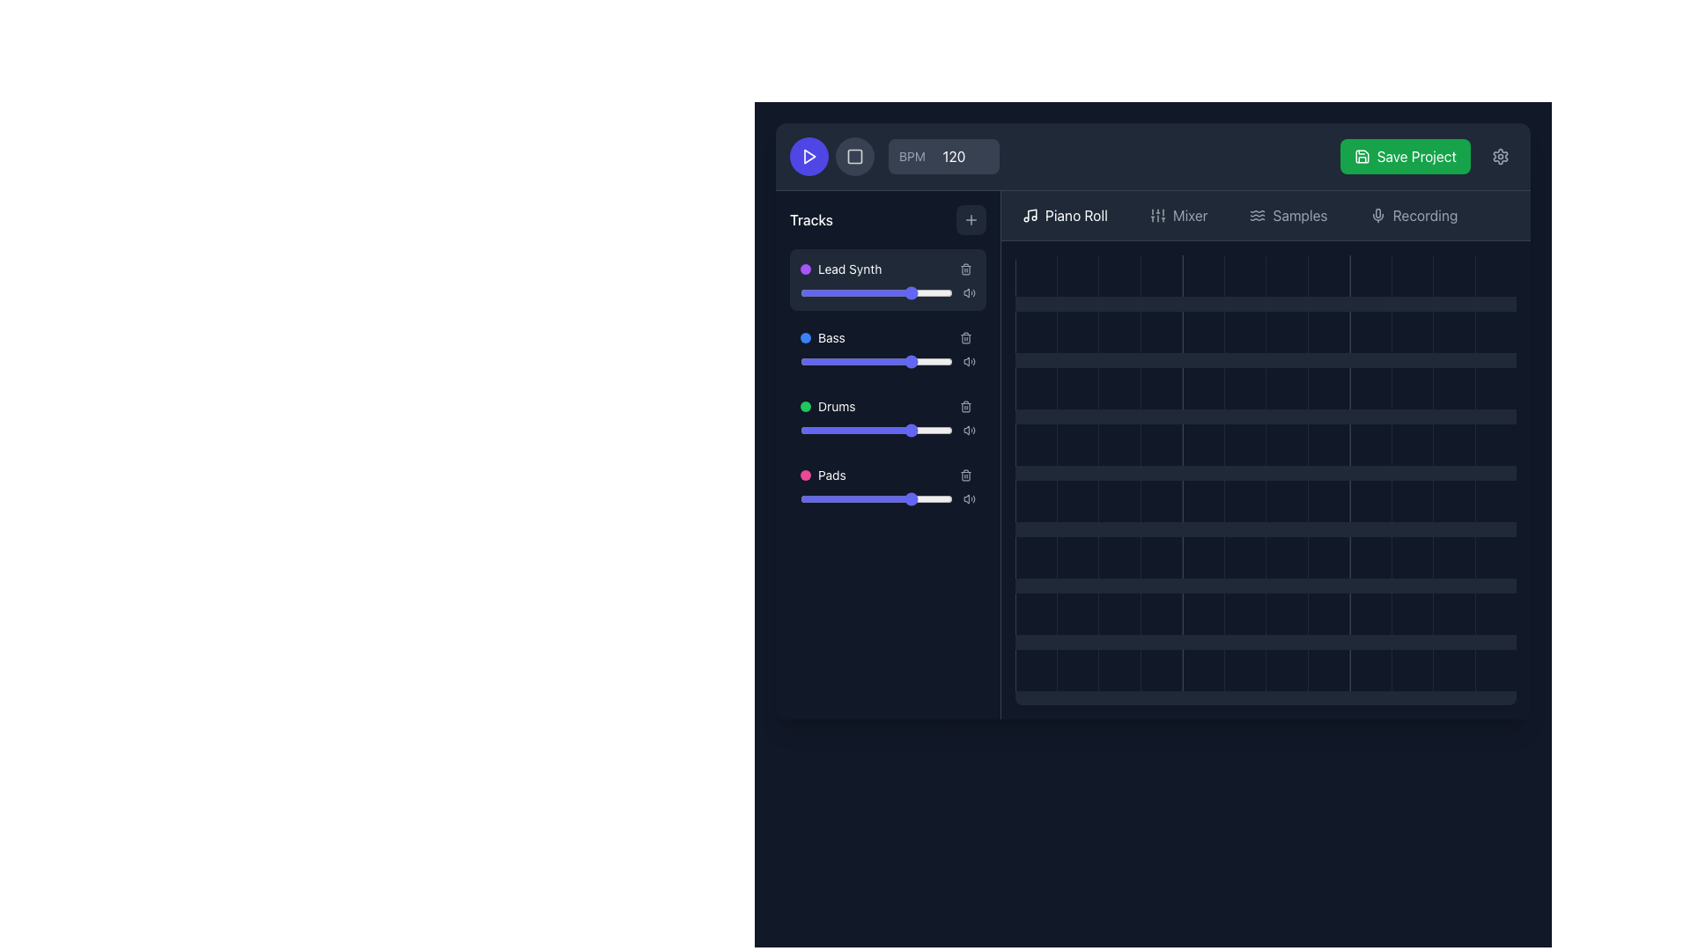 This screenshot has height=951, width=1691. Describe the element at coordinates (830, 361) in the screenshot. I see `the slider` at that location.